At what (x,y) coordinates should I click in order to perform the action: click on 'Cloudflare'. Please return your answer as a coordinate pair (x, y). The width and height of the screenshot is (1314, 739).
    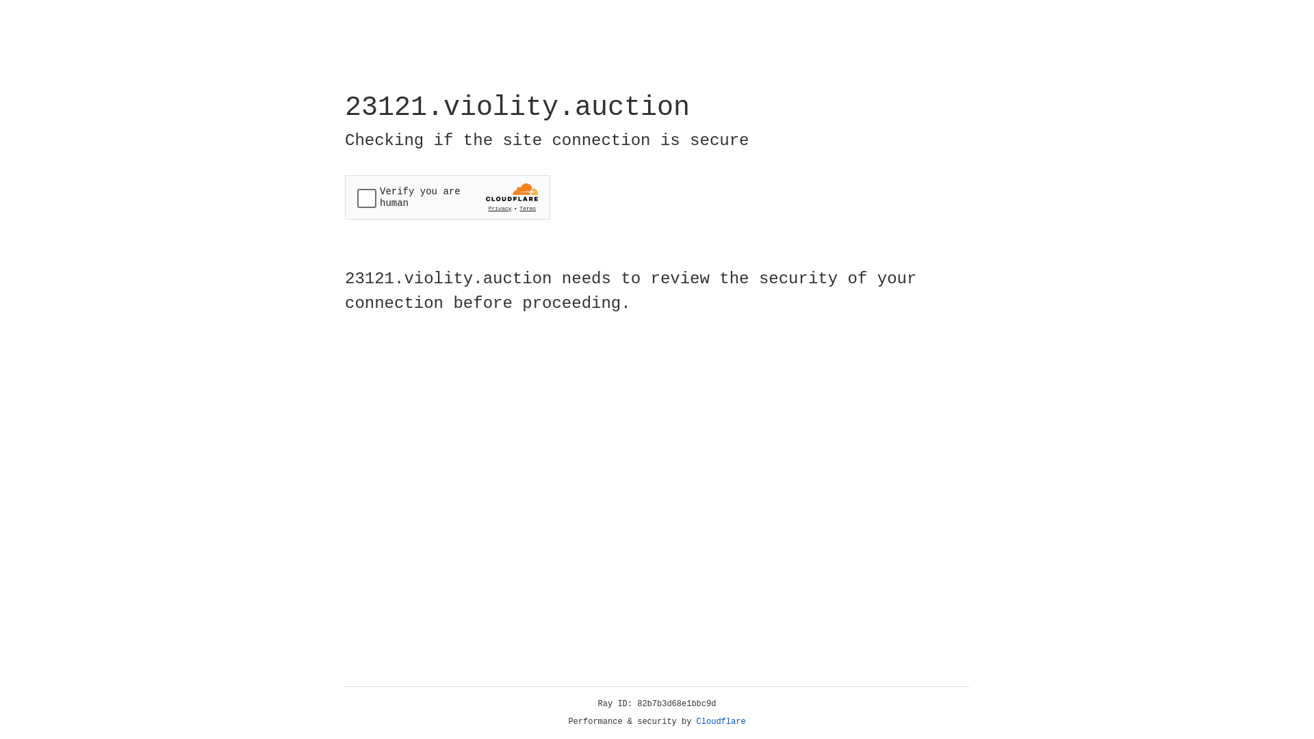
    Looking at the image, I should click on (696, 721).